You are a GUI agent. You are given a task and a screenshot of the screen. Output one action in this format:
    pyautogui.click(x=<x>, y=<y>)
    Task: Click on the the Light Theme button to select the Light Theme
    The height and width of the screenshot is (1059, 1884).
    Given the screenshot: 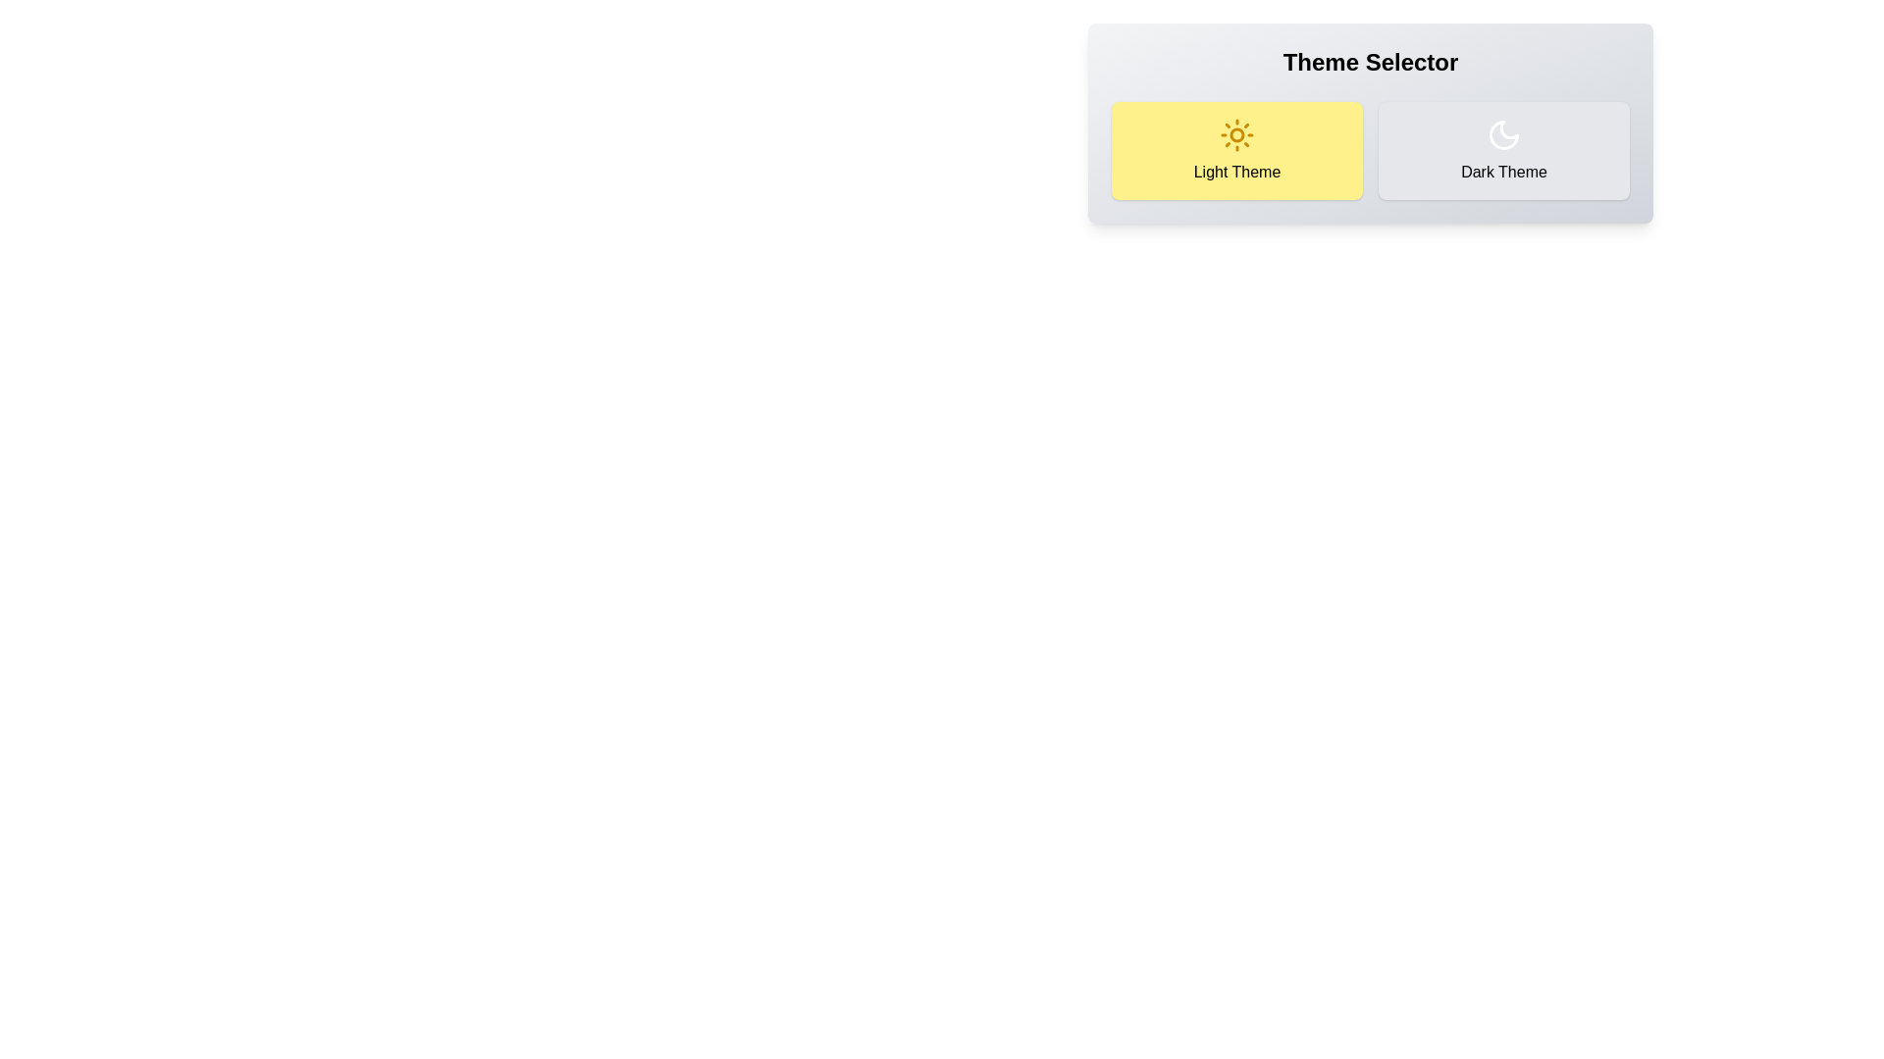 What is the action you would take?
    pyautogui.click(x=1236, y=150)
    